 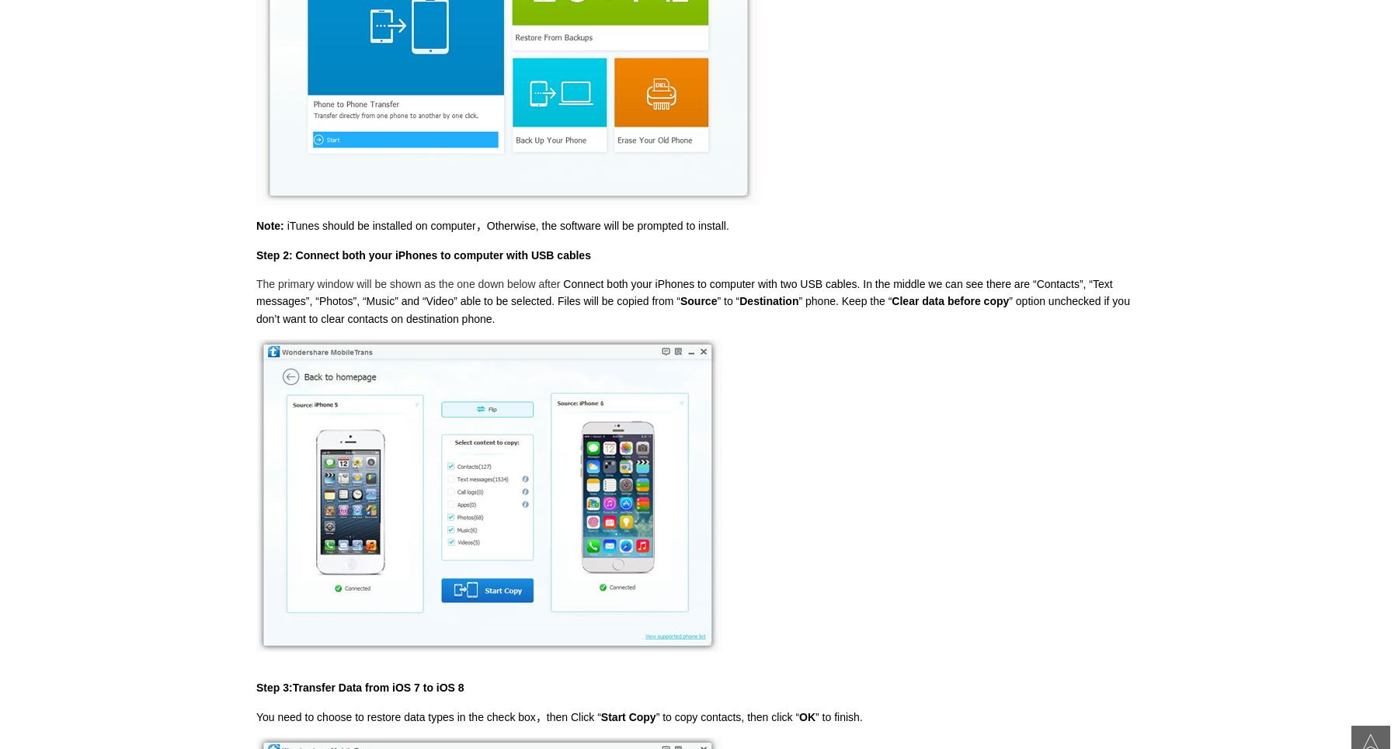 I want to click on '” option unchecked if you don’t want to clear contacts on destination phone.', so click(x=255, y=309).